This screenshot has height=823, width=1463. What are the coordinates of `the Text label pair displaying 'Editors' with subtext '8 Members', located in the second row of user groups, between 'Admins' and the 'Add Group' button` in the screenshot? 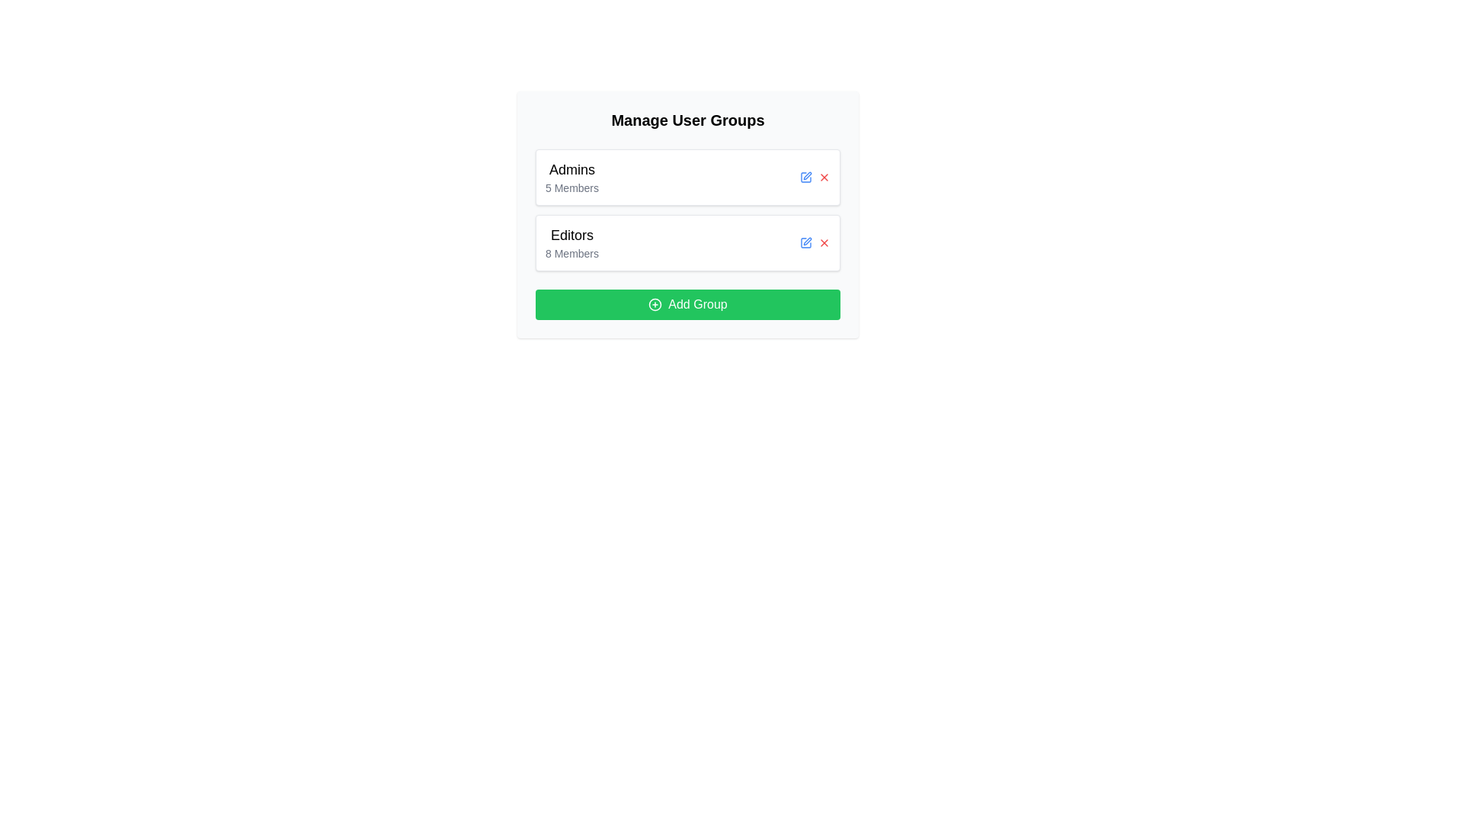 It's located at (571, 242).